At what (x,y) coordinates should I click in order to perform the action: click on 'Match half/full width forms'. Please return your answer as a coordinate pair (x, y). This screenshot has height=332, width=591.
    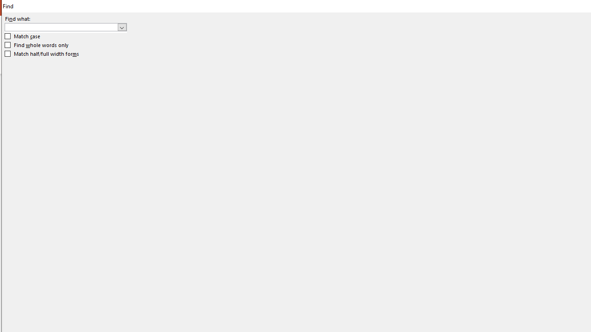
    Looking at the image, I should click on (42, 54).